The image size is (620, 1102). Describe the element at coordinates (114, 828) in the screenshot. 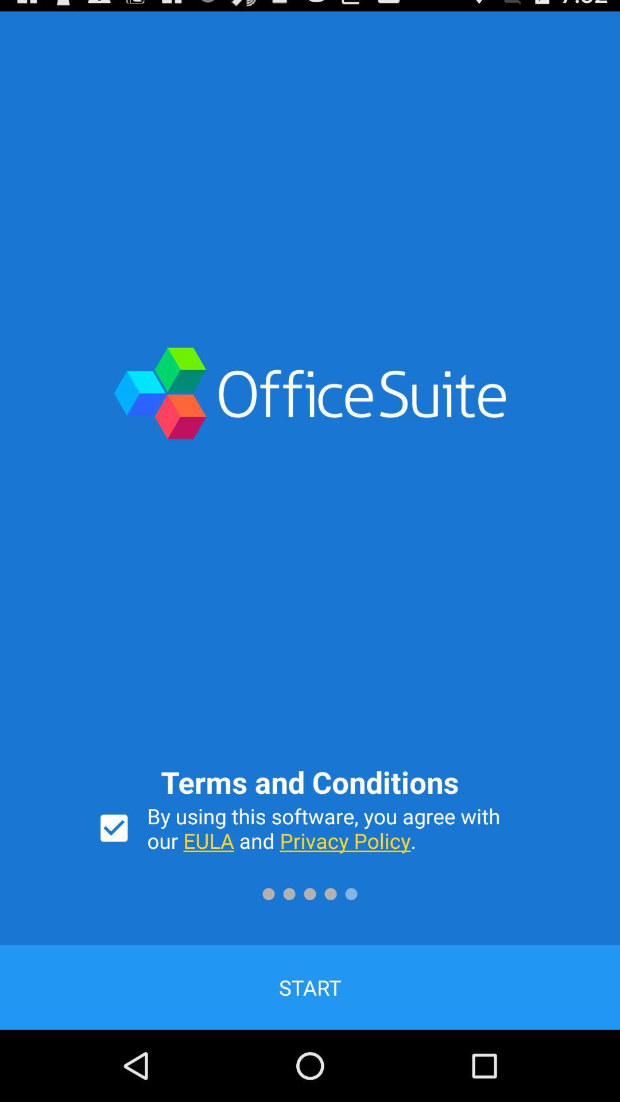

I see `the icon at the bottom left corner` at that location.